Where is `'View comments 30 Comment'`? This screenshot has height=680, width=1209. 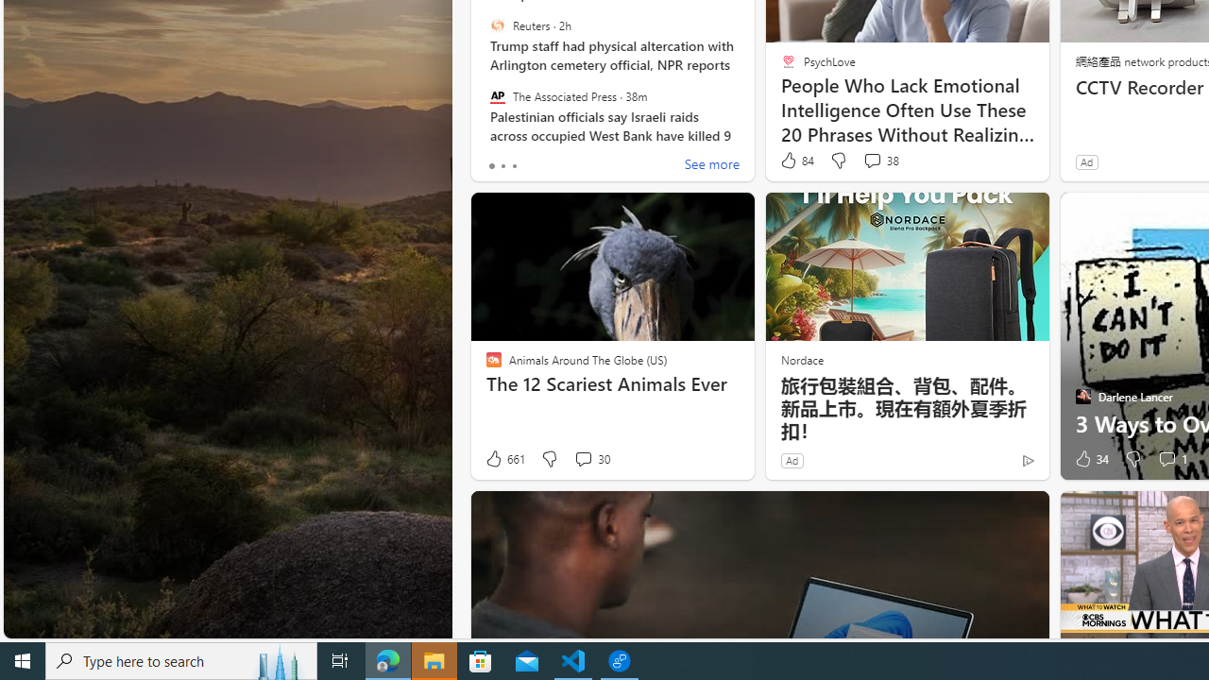 'View comments 30 Comment' is located at coordinates (582, 459).